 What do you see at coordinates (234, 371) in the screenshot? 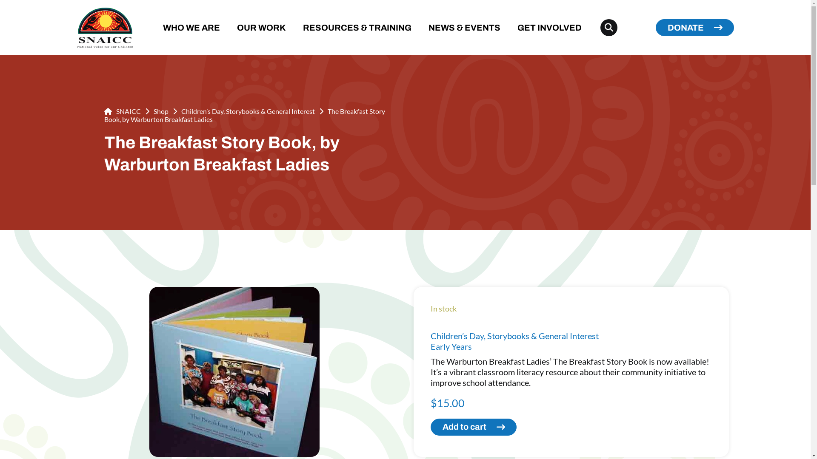
I see `'001764_adca'` at bounding box center [234, 371].